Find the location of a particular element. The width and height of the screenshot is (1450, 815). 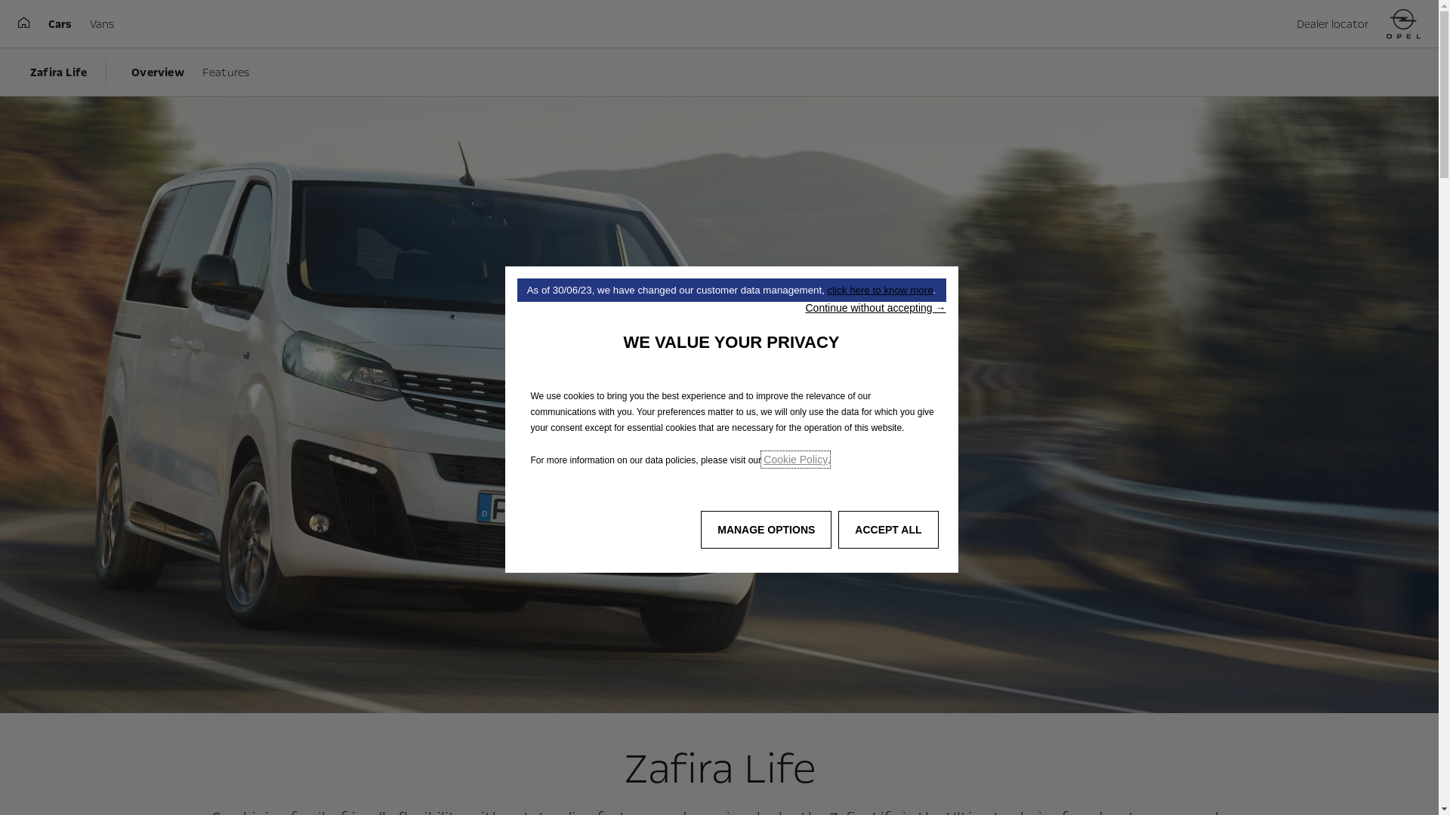

'Features' is located at coordinates (225, 72).